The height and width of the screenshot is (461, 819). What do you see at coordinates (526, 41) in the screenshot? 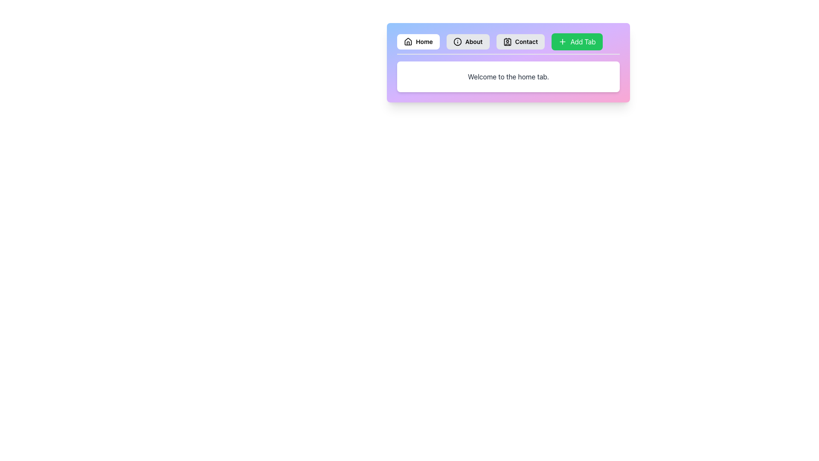
I see `the text label indicating communication features in the navigation menu` at bounding box center [526, 41].